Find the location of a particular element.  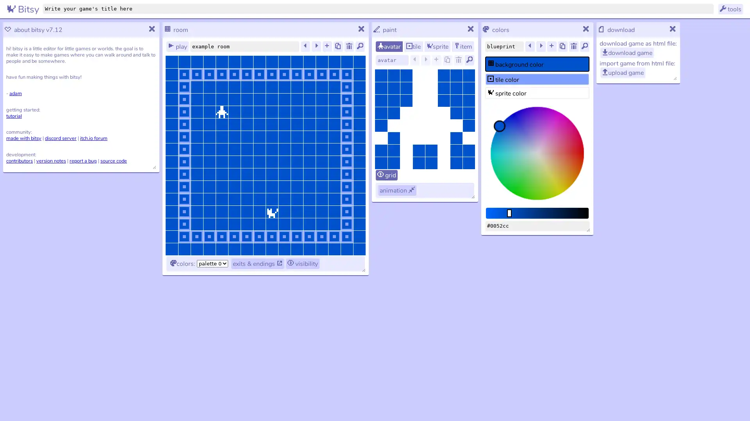

duplicate room is located at coordinates (338, 46).